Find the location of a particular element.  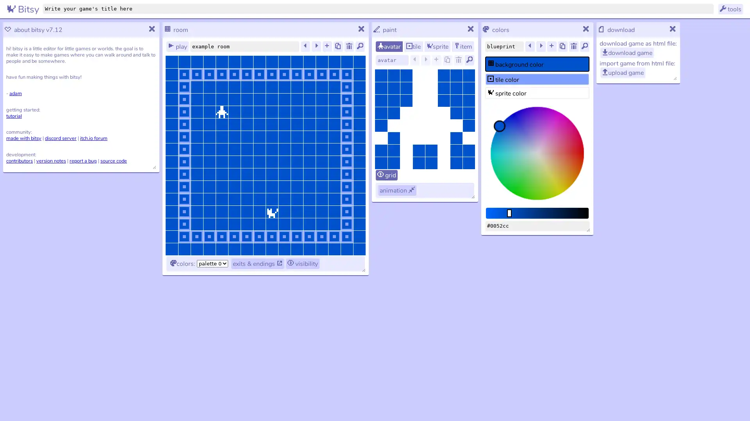

duplicate room is located at coordinates (338, 46).